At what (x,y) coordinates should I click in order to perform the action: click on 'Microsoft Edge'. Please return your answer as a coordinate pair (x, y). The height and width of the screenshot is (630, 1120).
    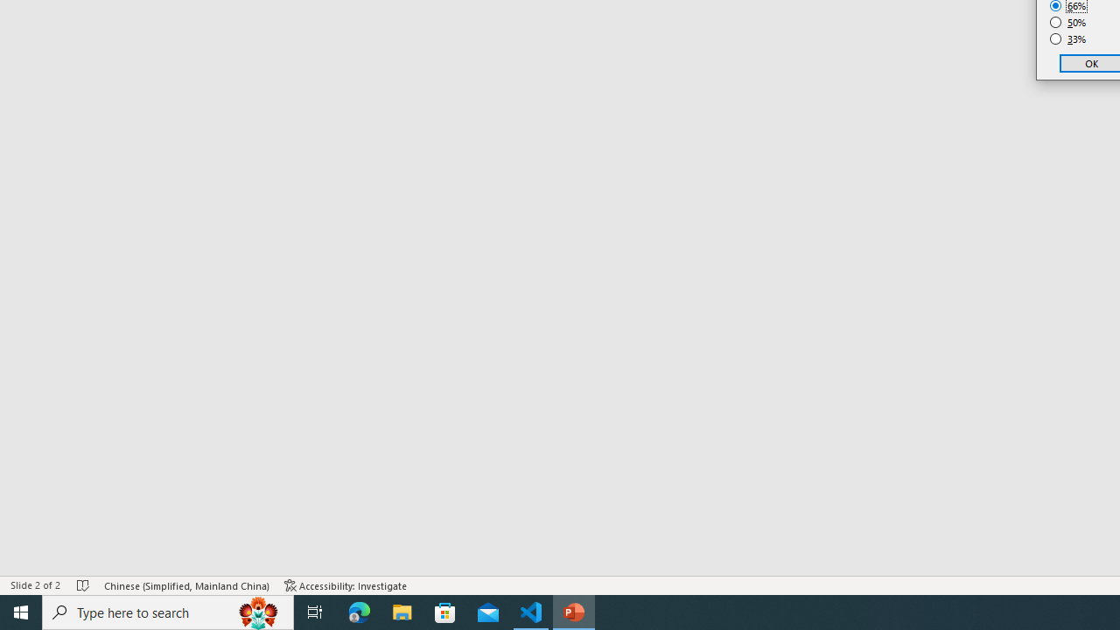
    Looking at the image, I should click on (359, 611).